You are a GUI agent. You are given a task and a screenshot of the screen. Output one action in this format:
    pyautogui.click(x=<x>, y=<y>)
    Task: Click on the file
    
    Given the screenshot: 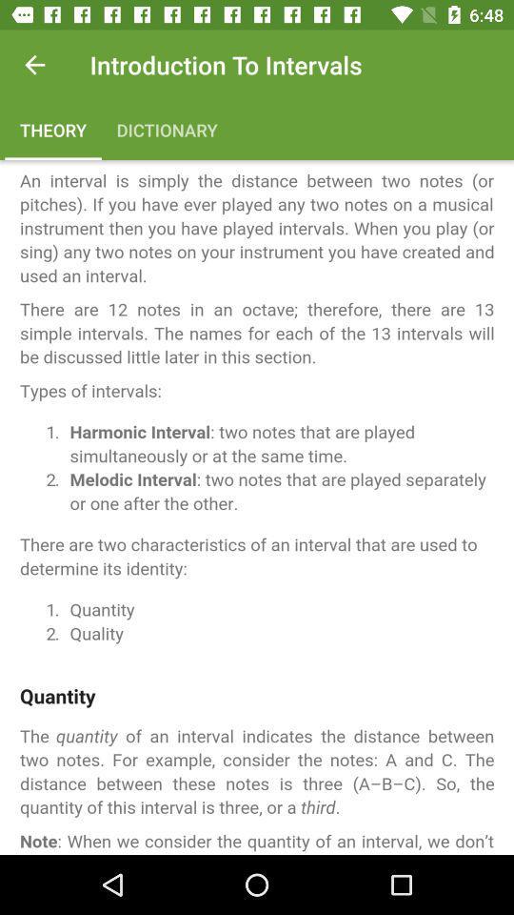 What is the action you would take?
    pyautogui.click(x=257, y=506)
    